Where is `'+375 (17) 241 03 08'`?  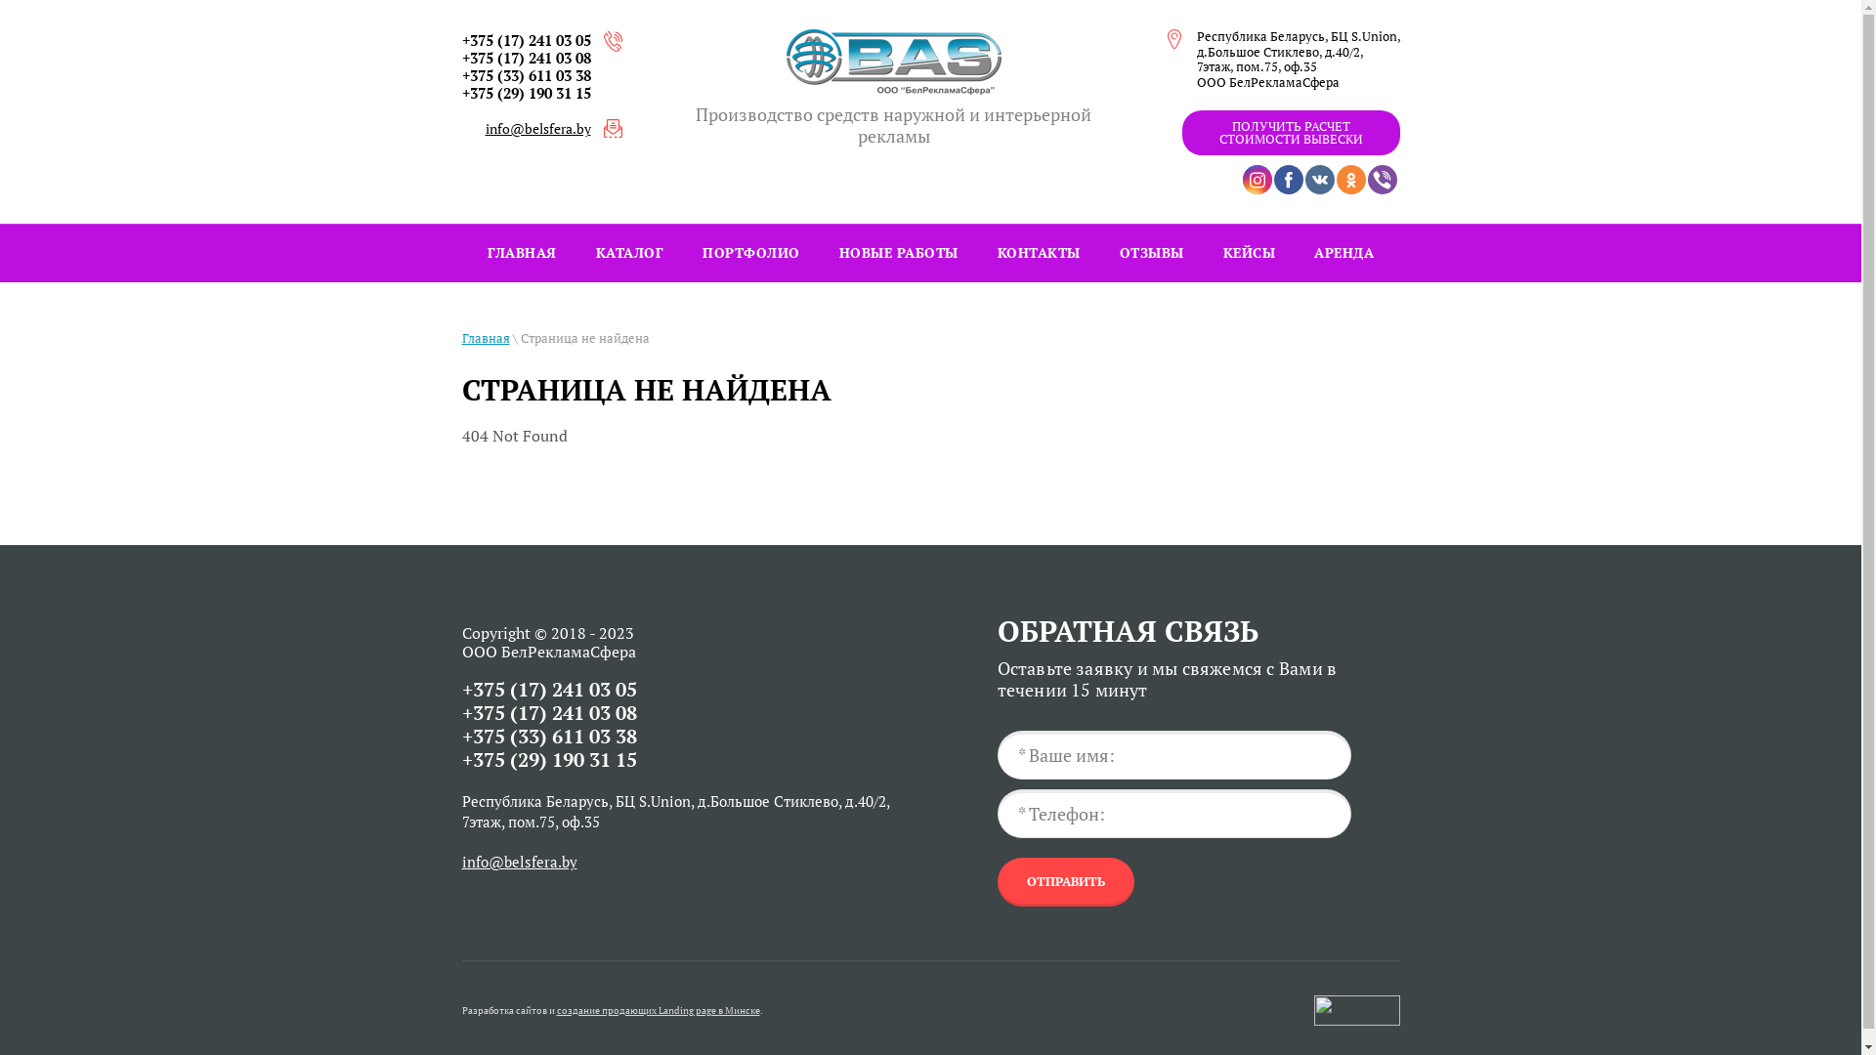 '+375 (17) 241 03 08' is located at coordinates (525, 56).